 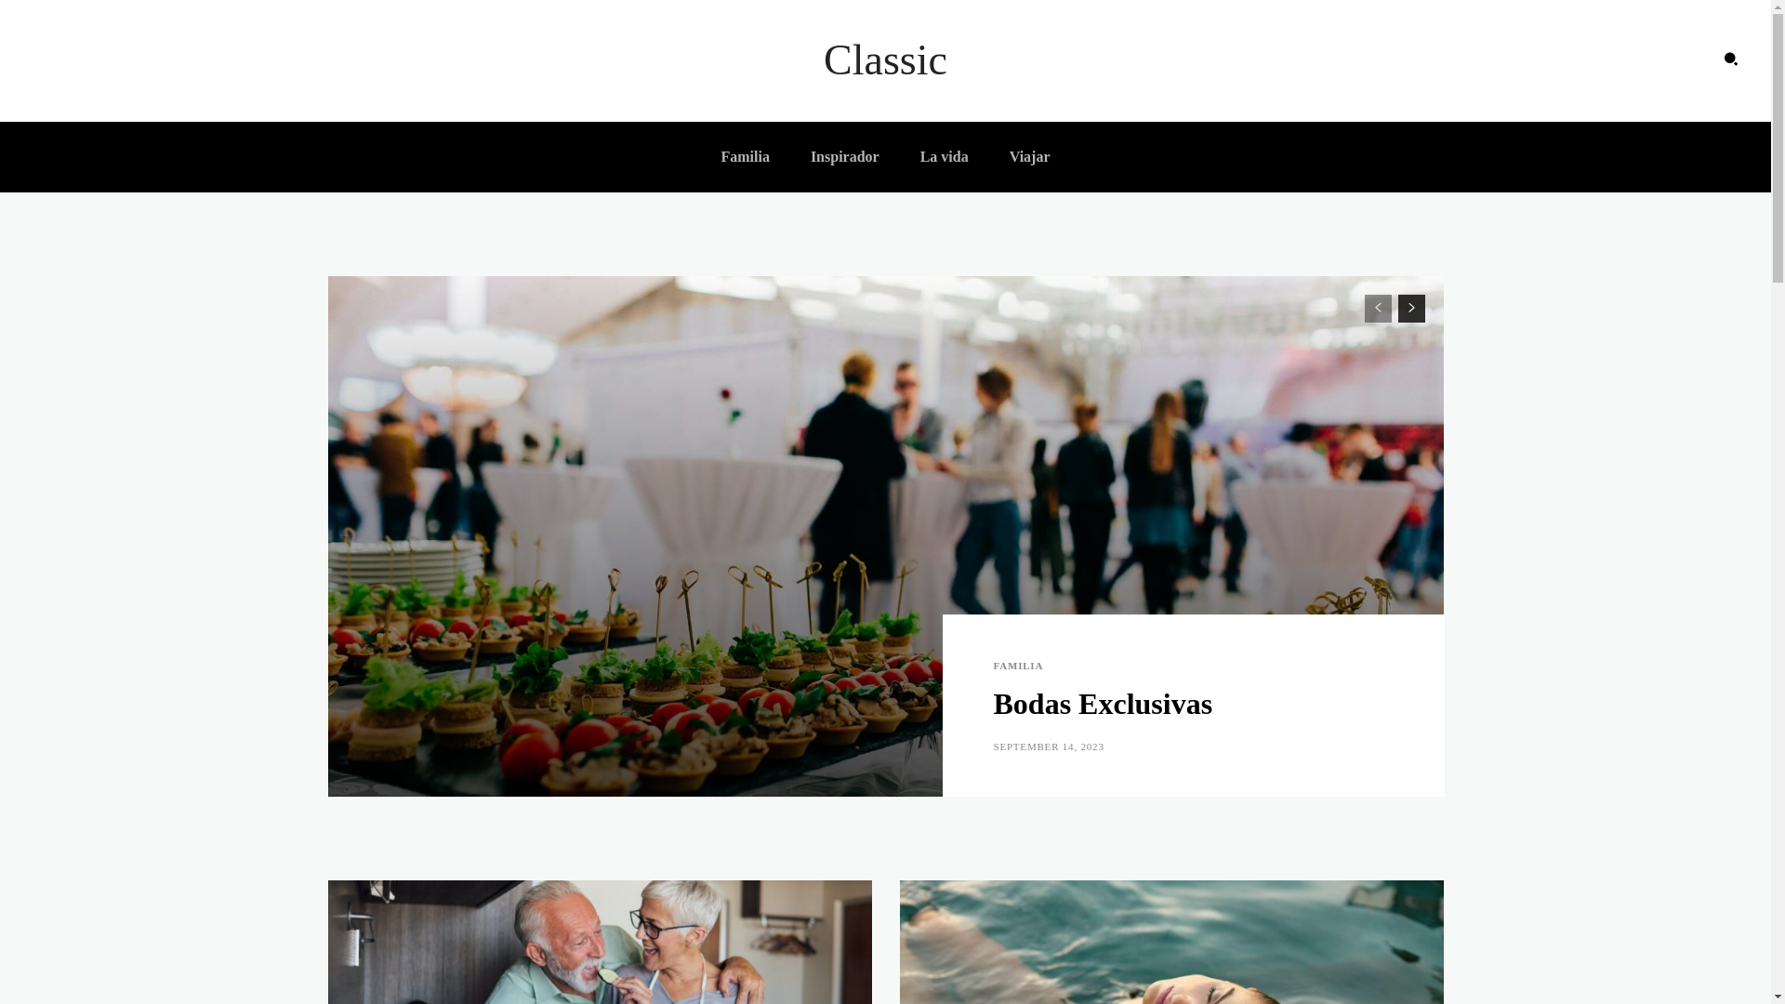 I want to click on 'FAMILIA', so click(x=1016, y=665).